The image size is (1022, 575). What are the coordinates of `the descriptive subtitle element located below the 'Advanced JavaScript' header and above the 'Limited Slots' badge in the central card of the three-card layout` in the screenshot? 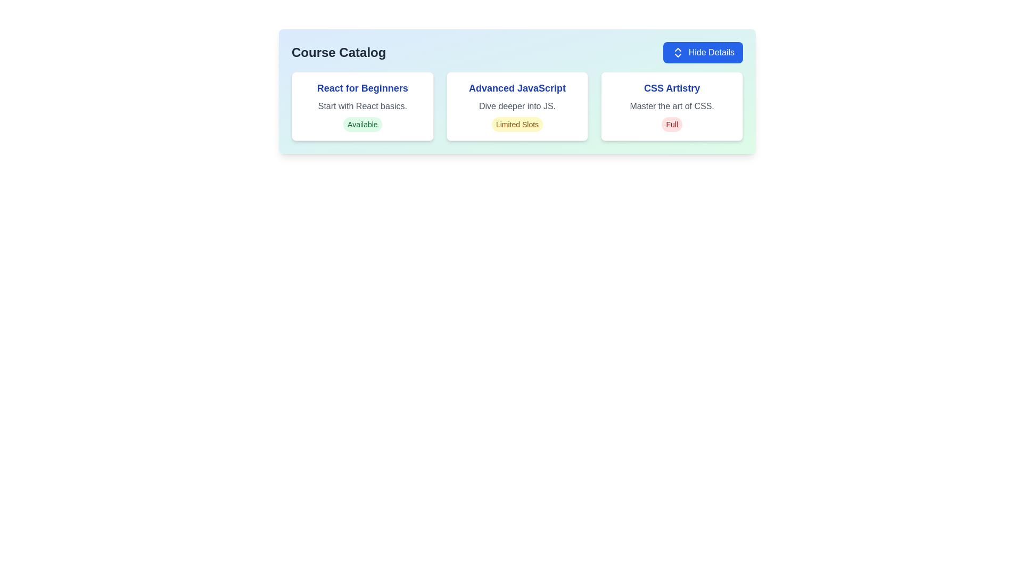 It's located at (517, 106).